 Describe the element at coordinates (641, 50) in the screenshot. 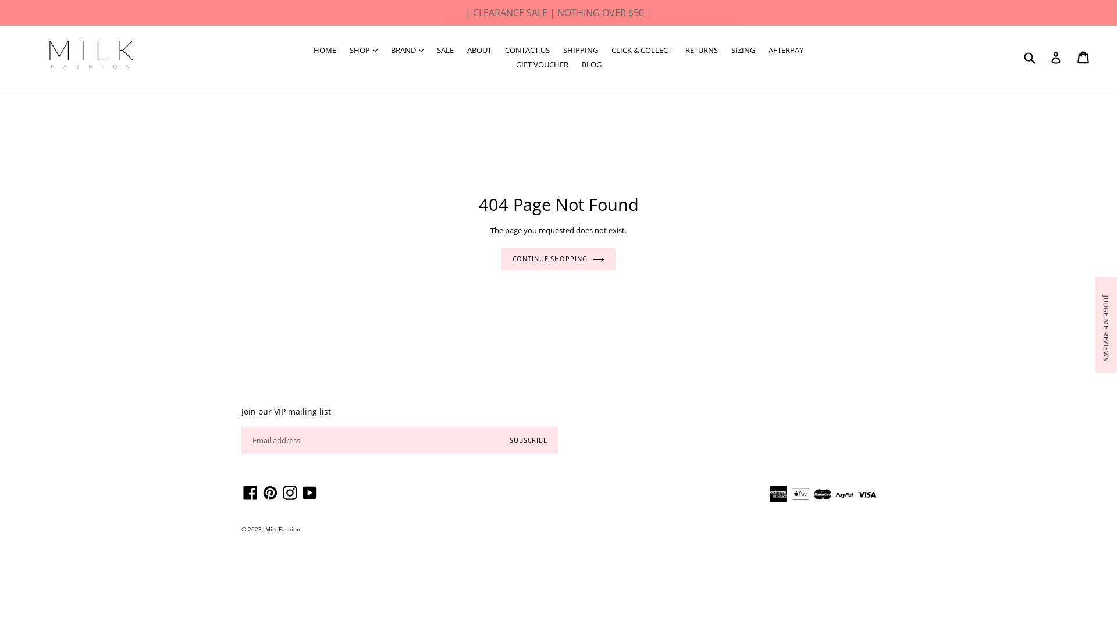

I see `'CLICK & COLLECT'` at that location.